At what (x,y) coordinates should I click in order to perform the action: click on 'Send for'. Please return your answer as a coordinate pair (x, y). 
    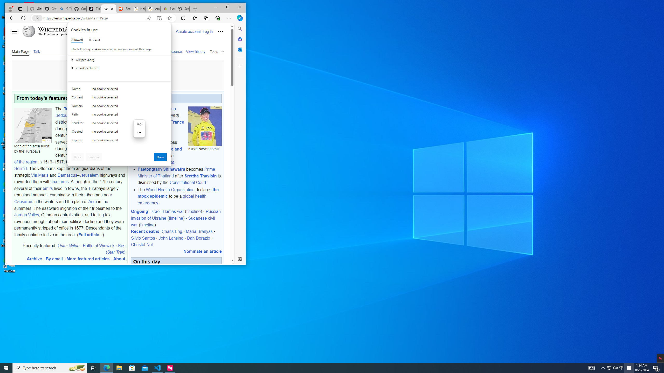
    Looking at the image, I should click on (78, 124).